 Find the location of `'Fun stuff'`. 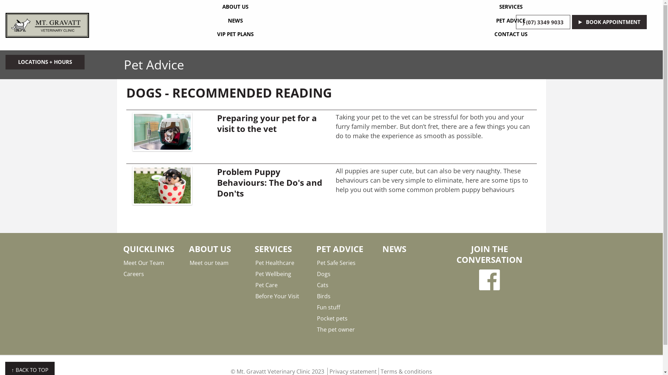

'Fun stuff' is located at coordinates (345, 307).